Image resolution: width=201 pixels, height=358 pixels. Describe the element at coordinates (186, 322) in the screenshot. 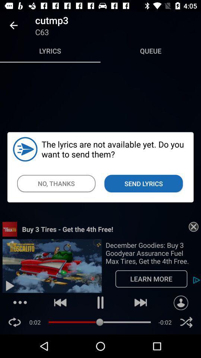

I see `the shuffle icon at the bottom right most corner of the page` at that location.